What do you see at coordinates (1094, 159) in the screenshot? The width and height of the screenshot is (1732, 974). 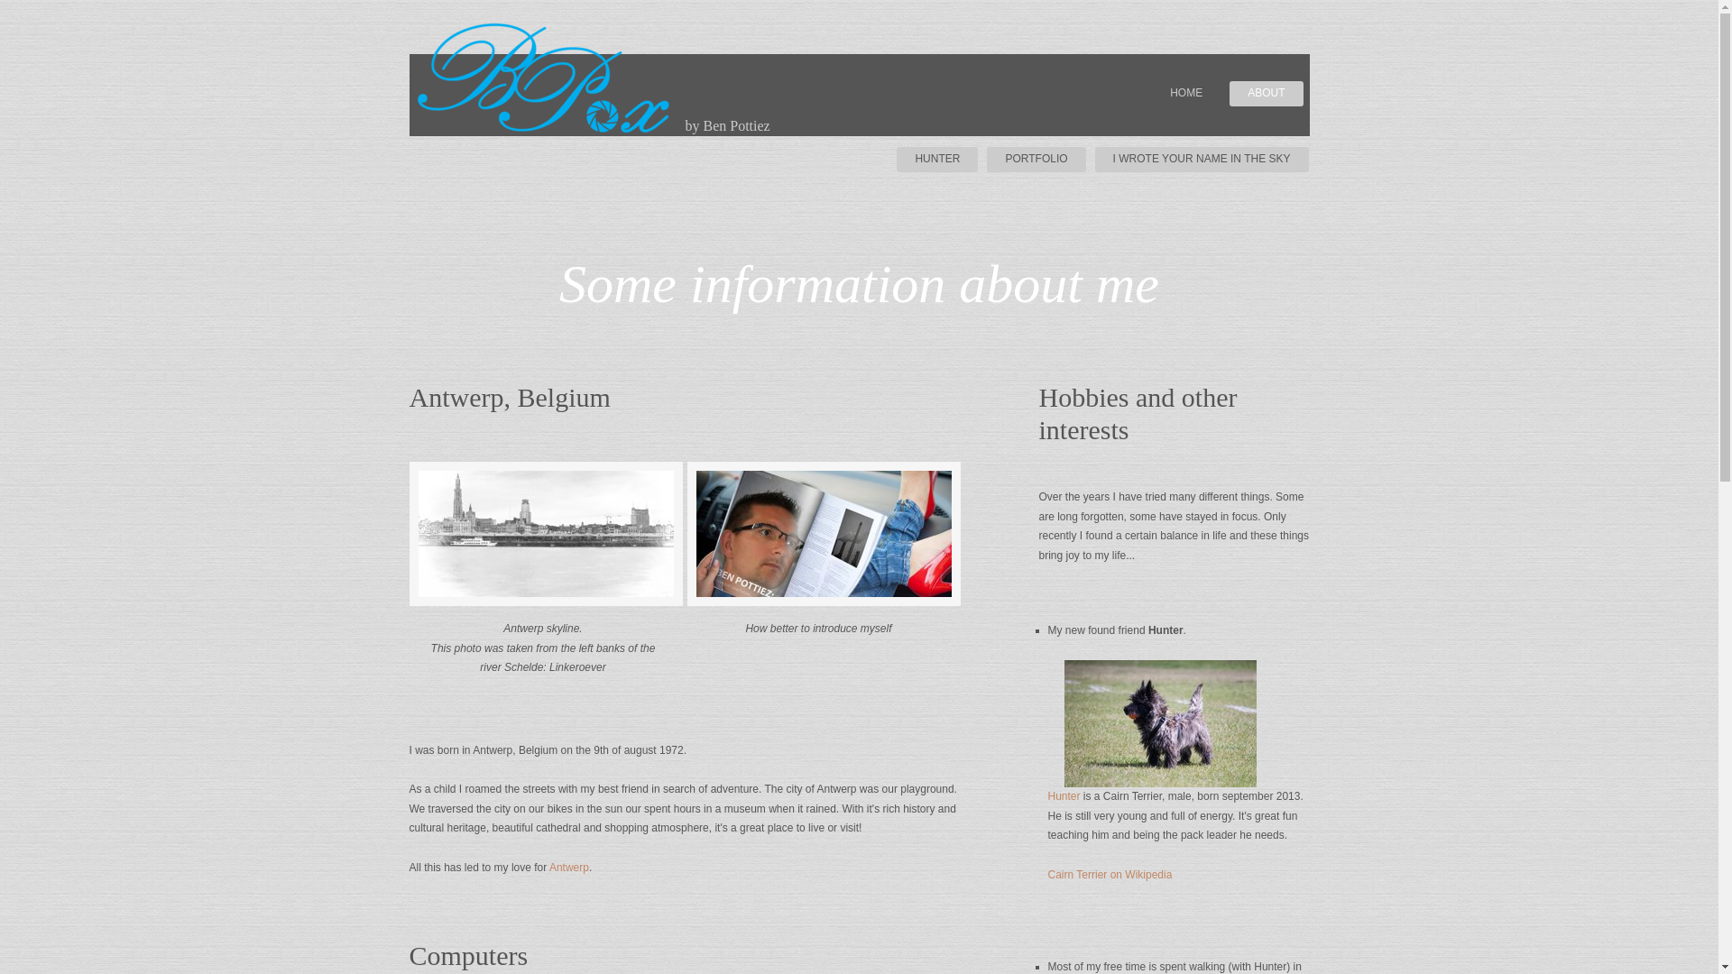 I see `'I WROTE YOUR NAME IN THE SKY'` at bounding box center [1094, 159].